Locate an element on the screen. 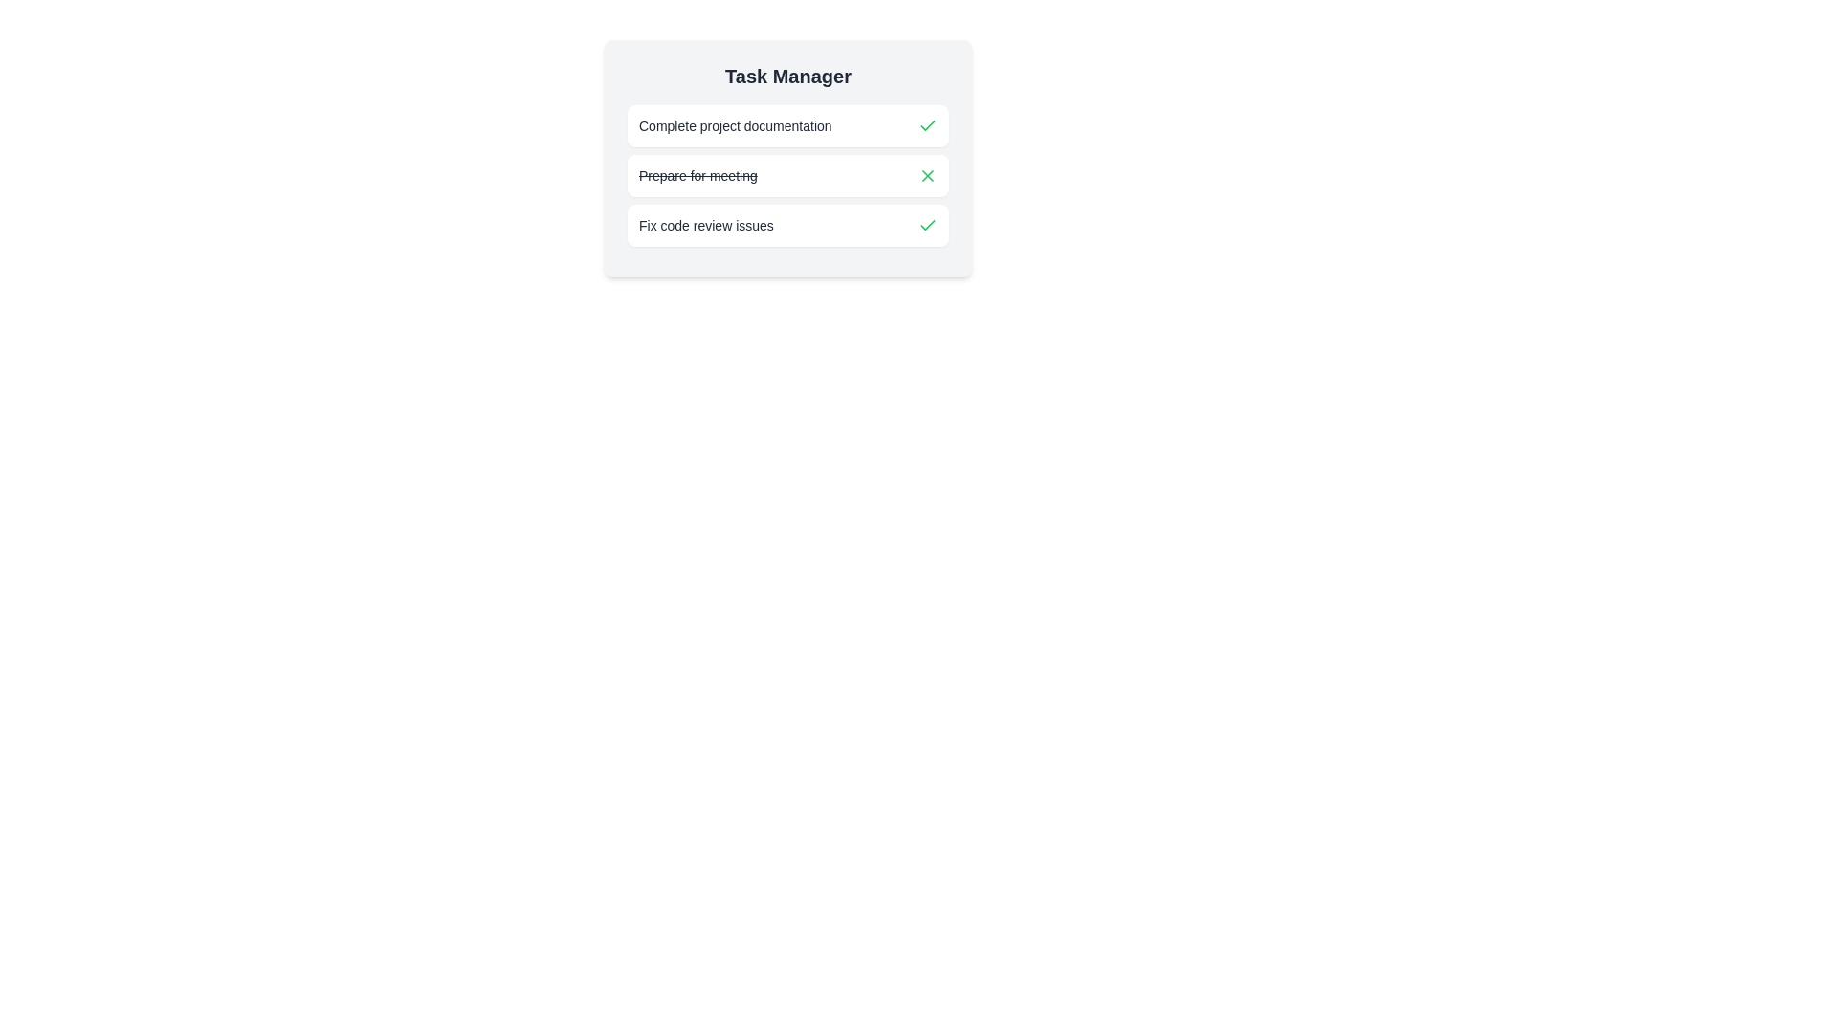 The height and width of the screenshot is (1033, 1837). the small 'X' icon button with a green outline, located next to the text 'Prepare for meeting' in the task list to change its color is located at coordinates (927, 176).